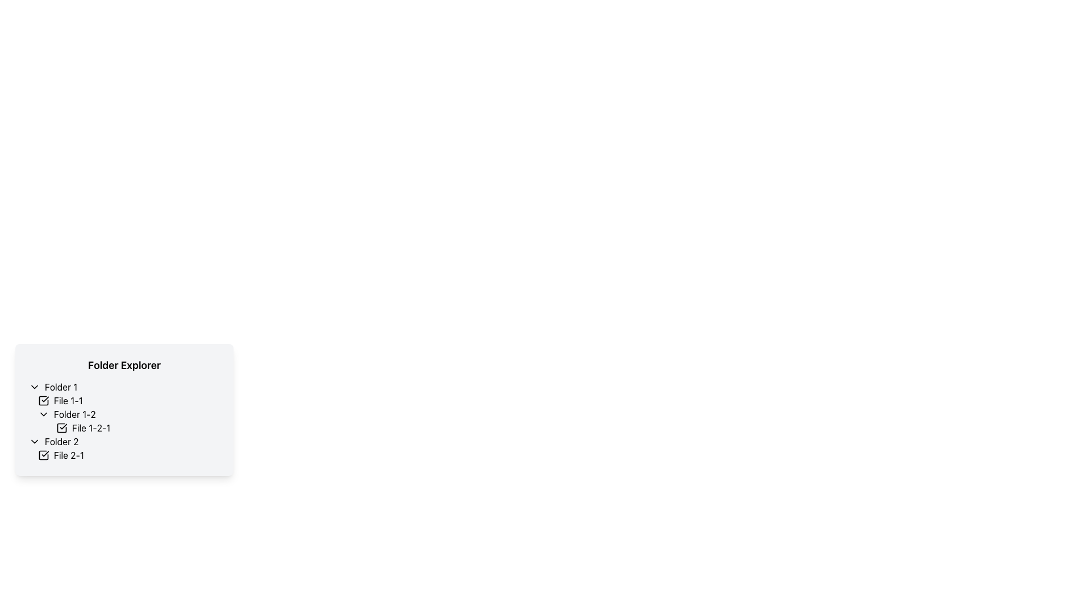 This screenshot has height=614, width=1091. I want to click on the label element displaying 'Folder 1-2' in the file explorer, so click(74, 414).